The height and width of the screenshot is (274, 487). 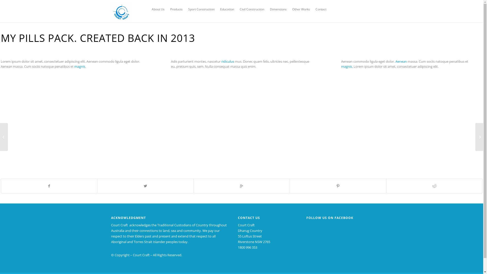 I want to click on 'Contact', so click(x=312, y=9).